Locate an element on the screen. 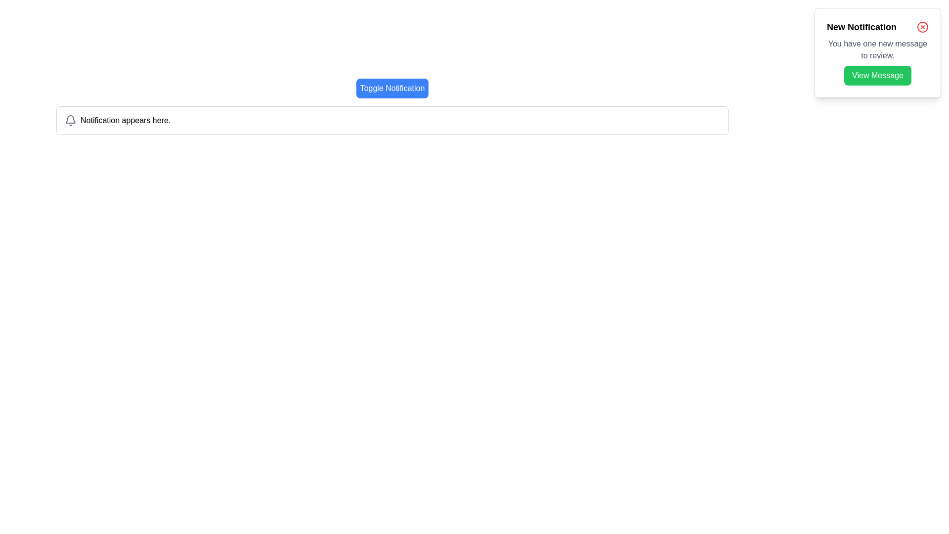  the green 'View Message' button located at the bottom-right corner of the notification card is located at coordinates (878, 75).